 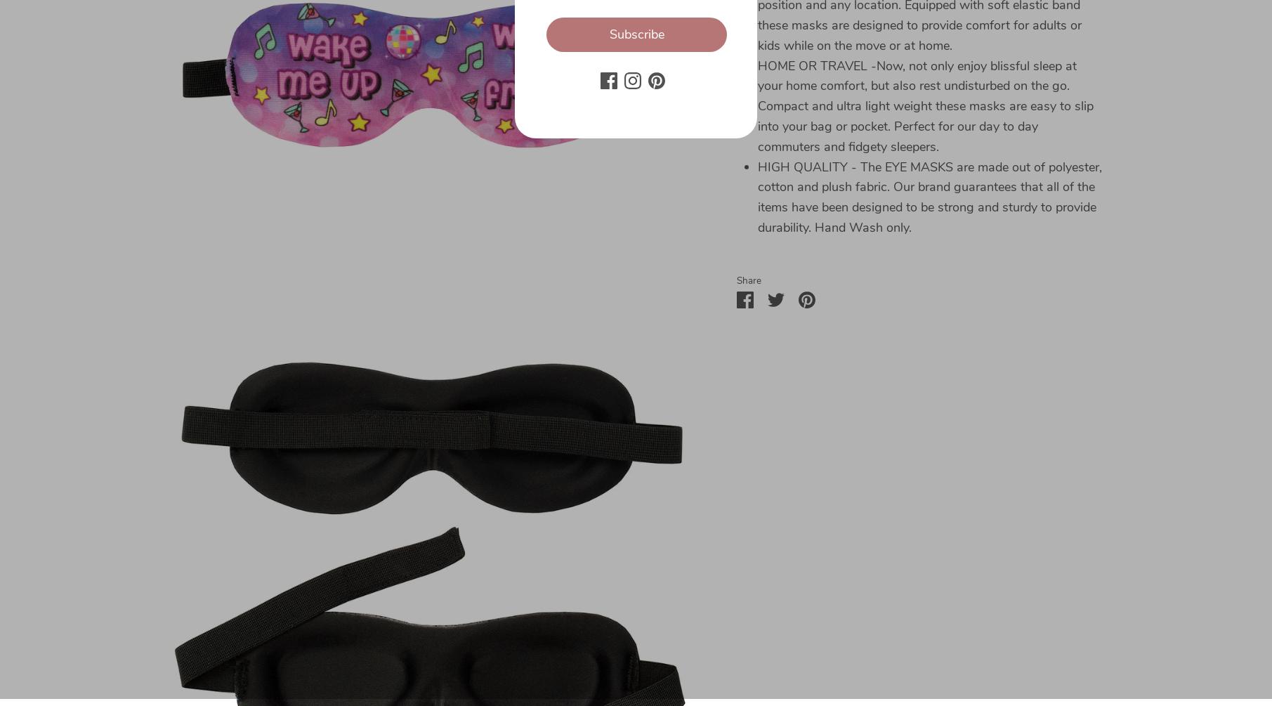 I want to click on 'Returns', so click(x=476, y=527).